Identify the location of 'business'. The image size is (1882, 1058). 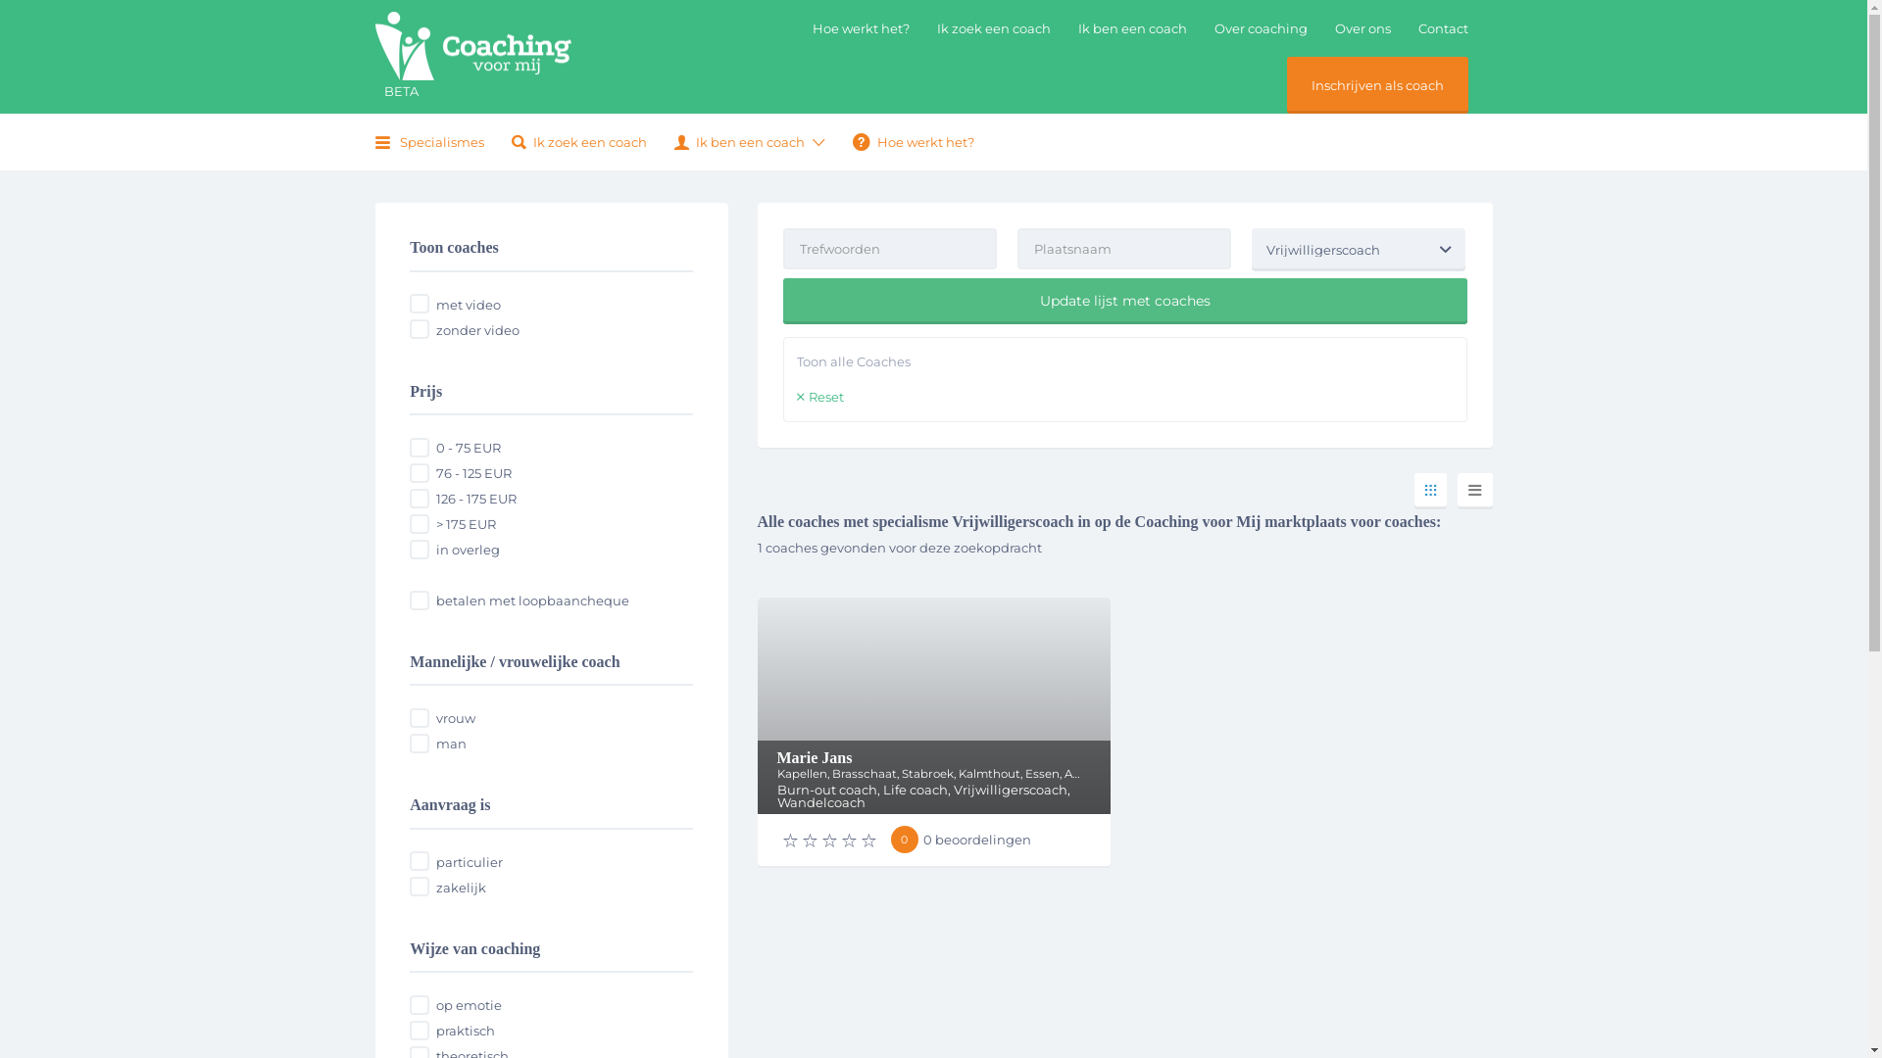
(418, 887).